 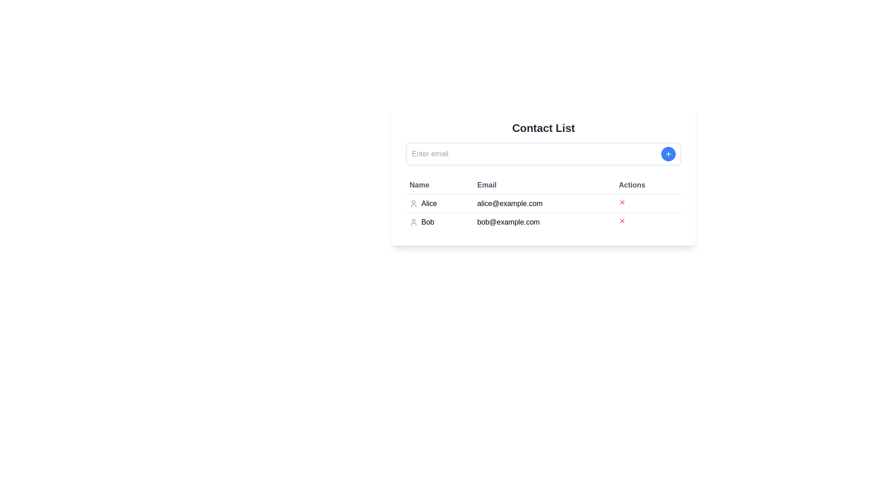 What do you see at coordinates (543, 221) in the screenshot?
I see `the Contact row containing the email 'bob@example.com' for highlighting` at bounding box center [543, 221].